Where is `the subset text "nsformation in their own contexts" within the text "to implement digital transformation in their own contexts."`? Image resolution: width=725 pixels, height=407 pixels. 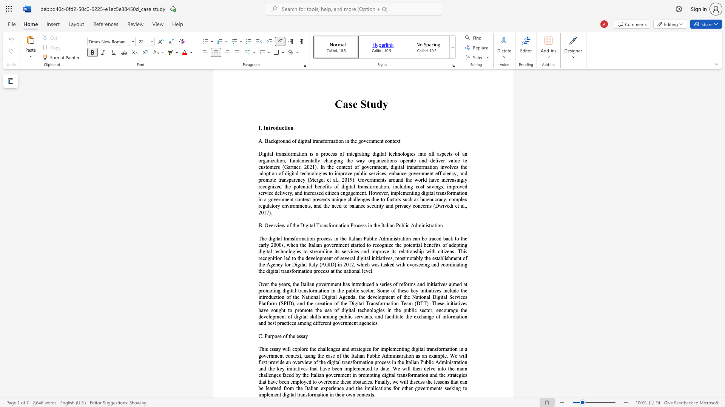 the subset text "nsformation in their own contexts" within the text "to implement digital transformation in their own contexts." is located at coordinates (302, 394).